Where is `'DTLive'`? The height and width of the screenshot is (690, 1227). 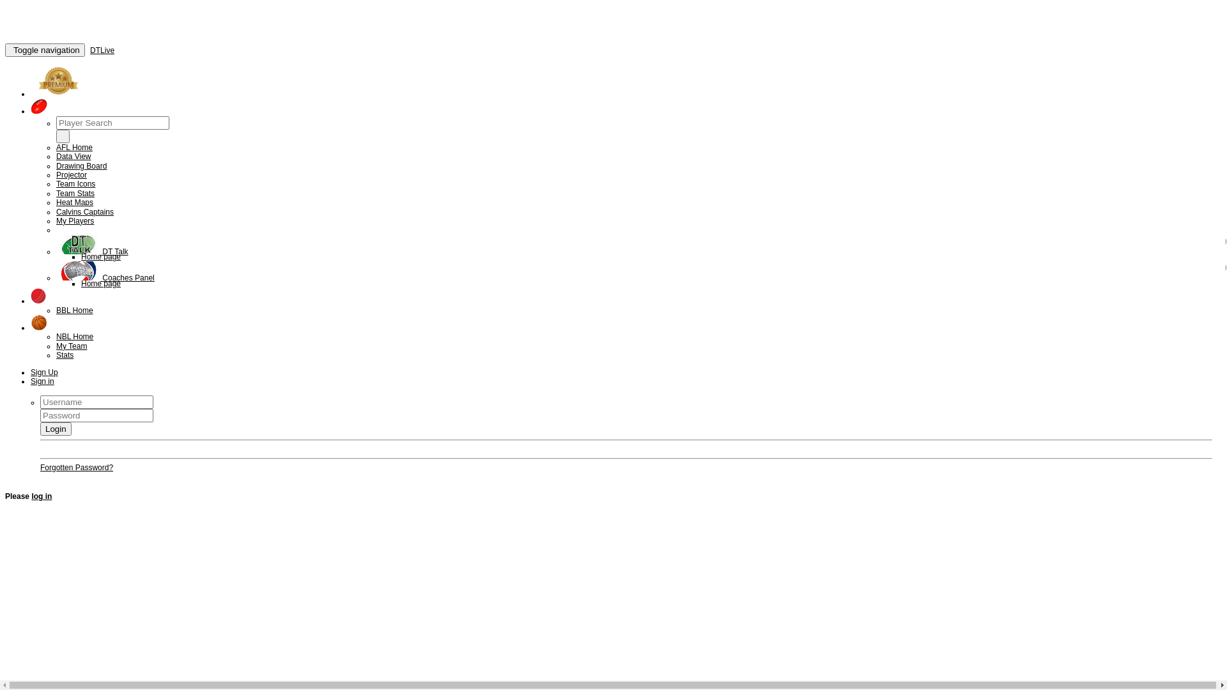 'DTLive' is located at coordinates (101, 49).